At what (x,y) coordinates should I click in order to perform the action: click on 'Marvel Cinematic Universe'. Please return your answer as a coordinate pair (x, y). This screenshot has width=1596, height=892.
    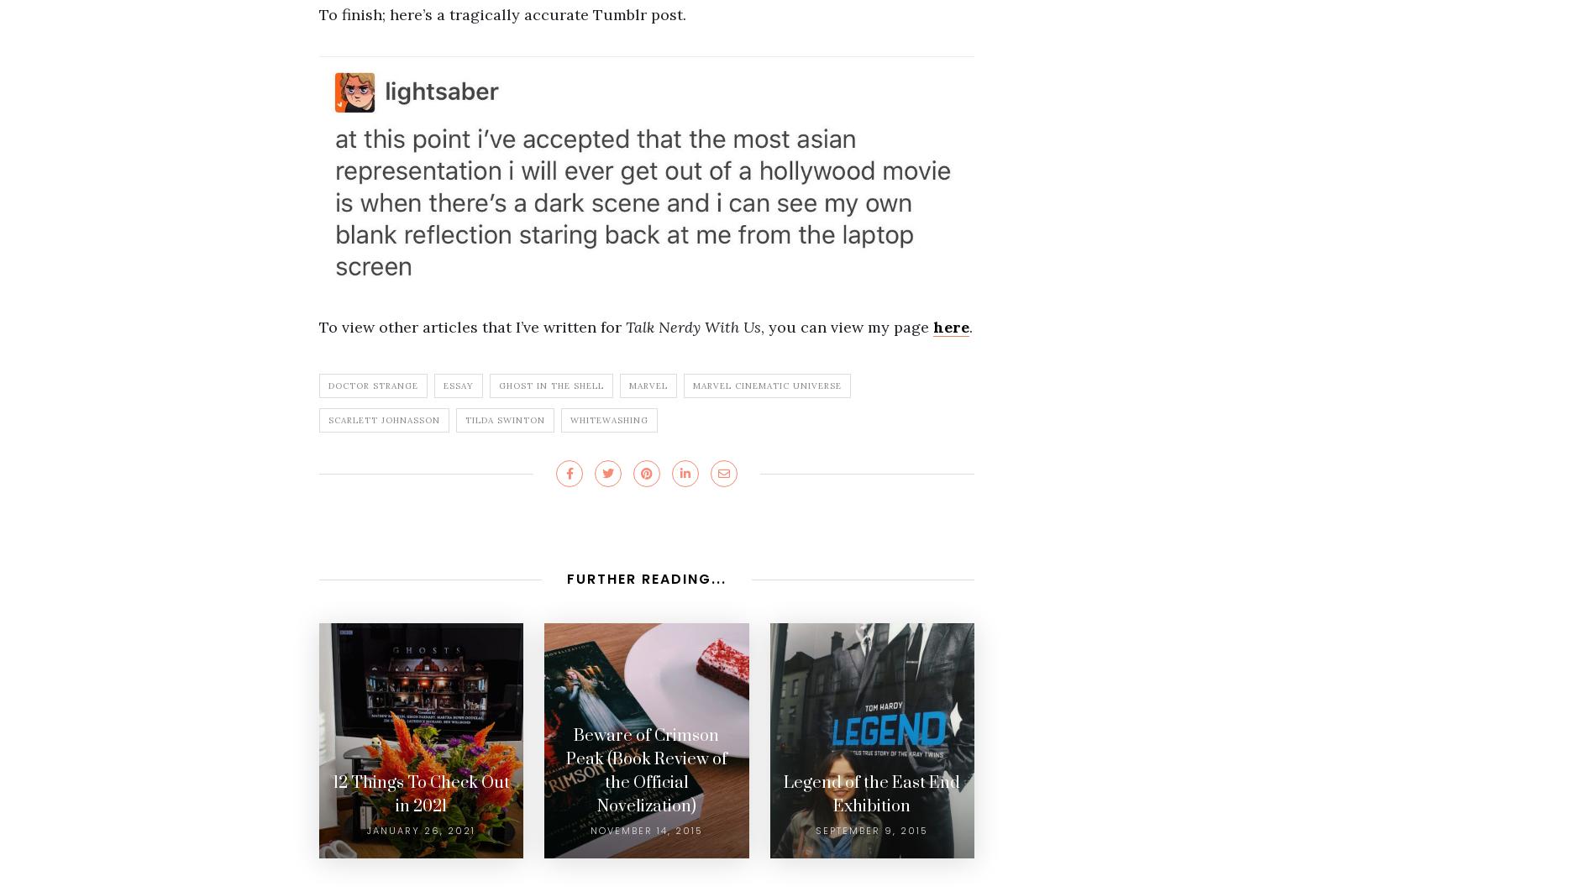
    Looking at the image, I should click on (766, 385).